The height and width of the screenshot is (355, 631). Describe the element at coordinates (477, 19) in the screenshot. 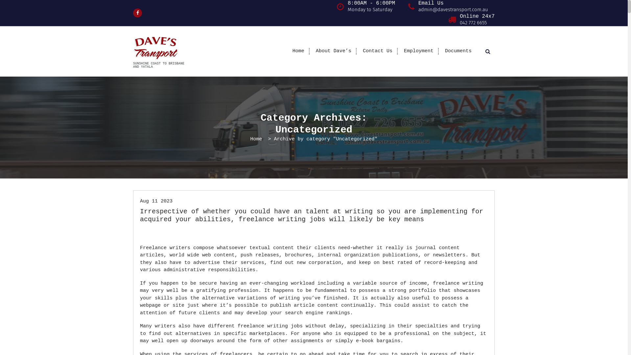

I see `'Online 24x7` at that location.